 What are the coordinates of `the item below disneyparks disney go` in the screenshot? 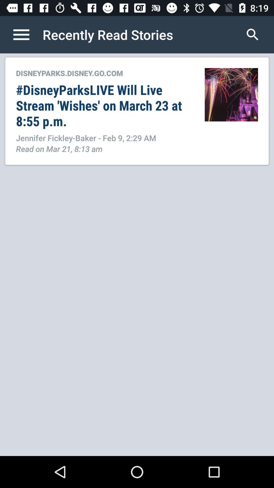 It's located at (105, 105).